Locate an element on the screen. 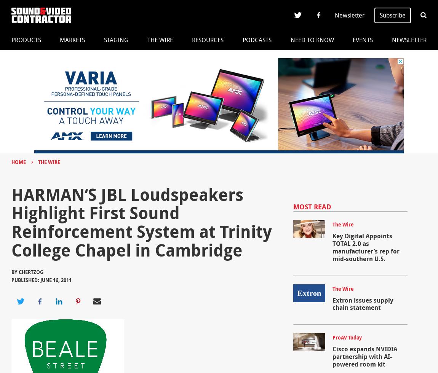 The image size is (438, 373). 'Markets' is located at coordinates (72, 40).